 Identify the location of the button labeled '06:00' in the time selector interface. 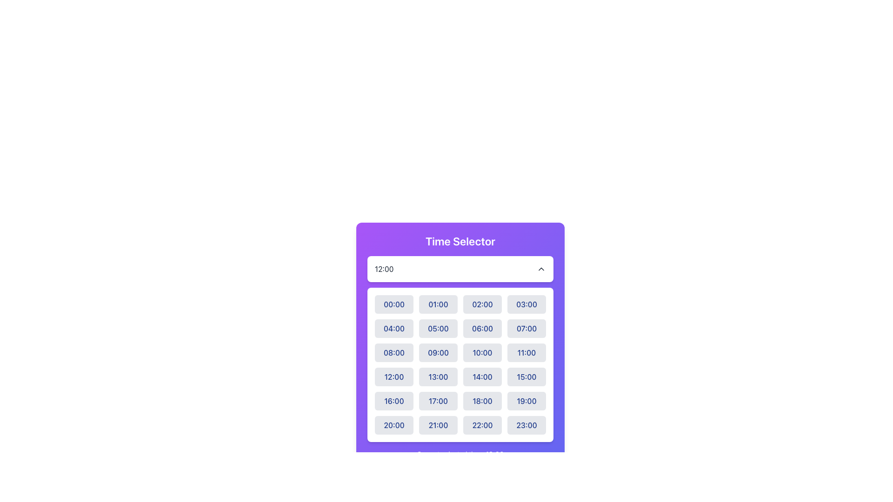
(482, 328).